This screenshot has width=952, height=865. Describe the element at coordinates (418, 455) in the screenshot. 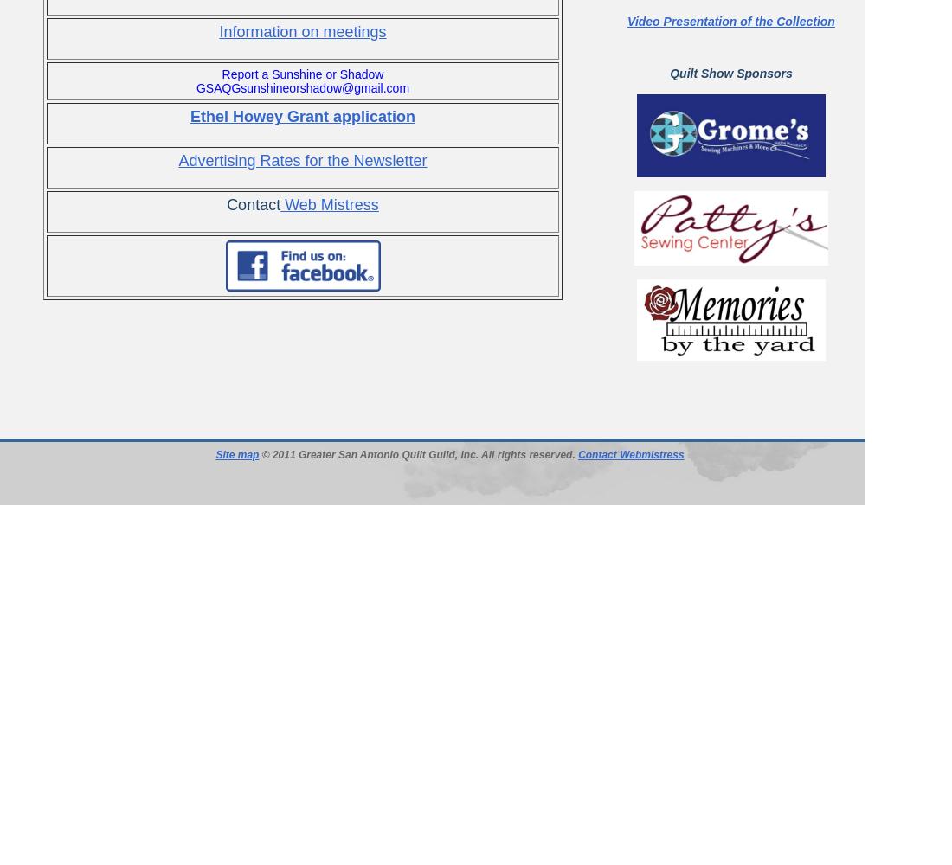

I see `'© 2011 Greater San Antonio Quilt Guild, Inc.  All rights reserved.'` at that location.